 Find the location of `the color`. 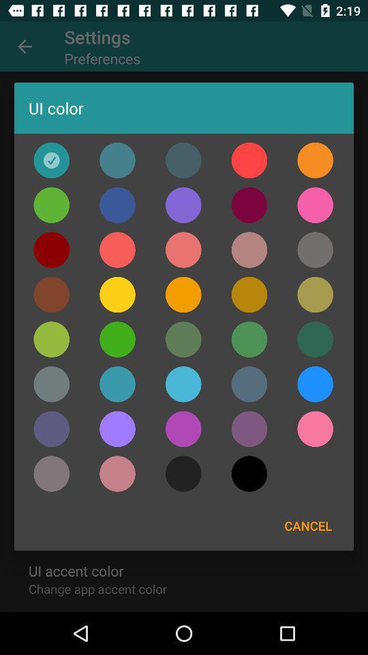

the color is located at coordinates (117, 384).